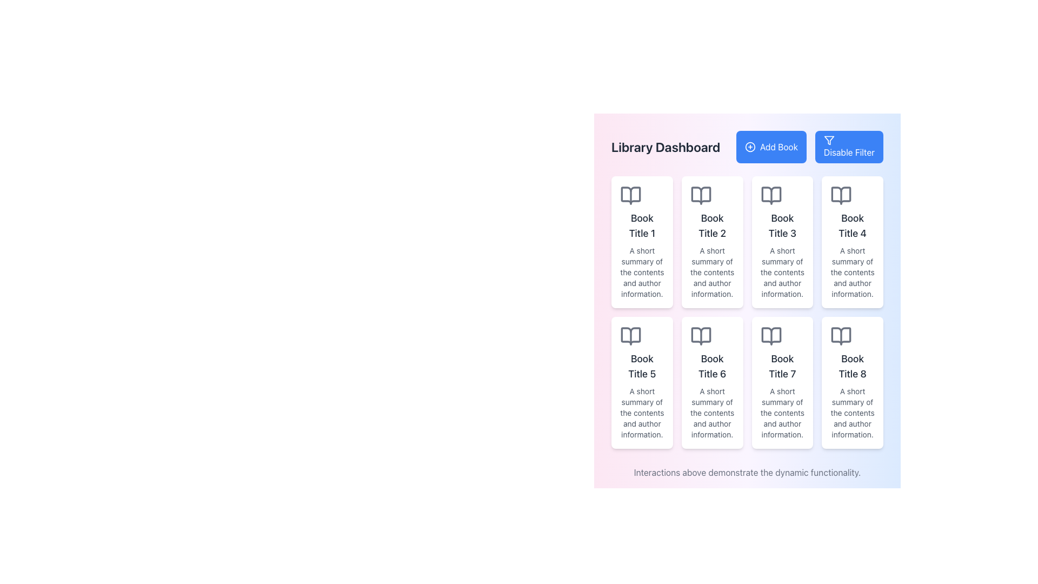  What do you see at coordinates (642, 366) in the screenshot?
I see `text string 'Book Title 5' located in the fifth book entry of the library dashboard, positioned below the open book icon and above the descriptive text` at bounding box center [642, 366].